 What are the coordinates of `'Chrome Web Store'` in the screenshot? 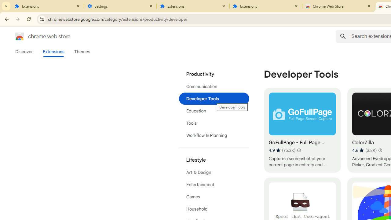 It's located at (338, 6).